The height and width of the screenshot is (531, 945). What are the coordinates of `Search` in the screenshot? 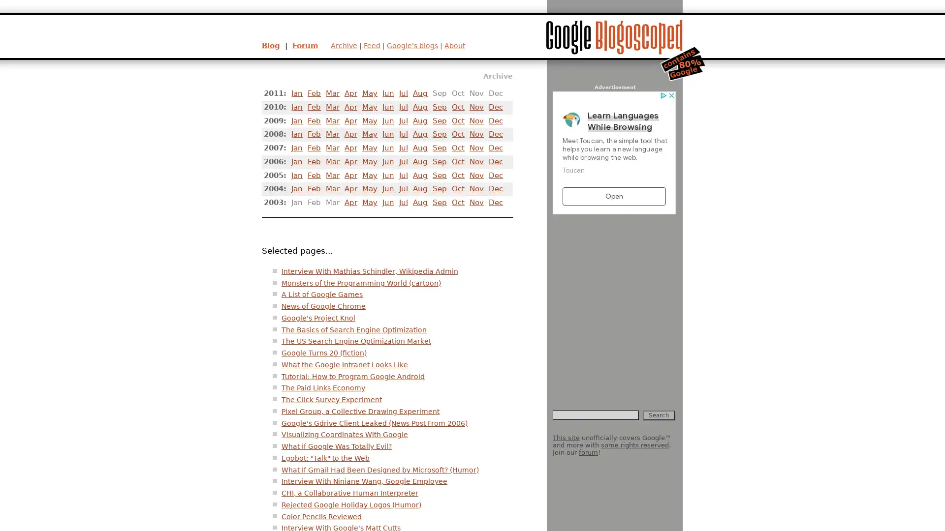 It's located at (659, 415).